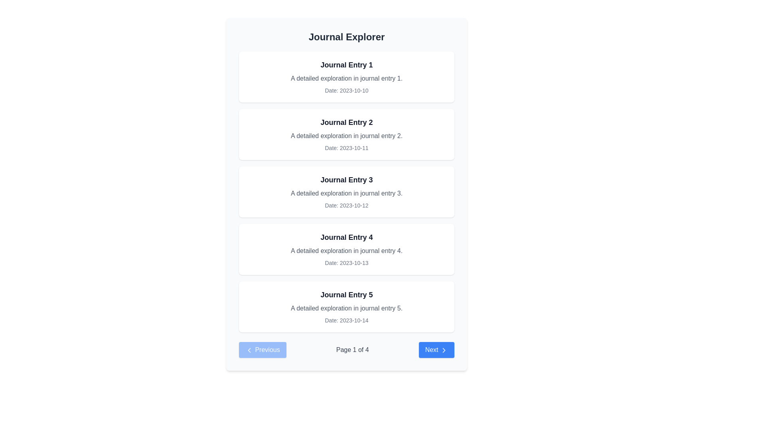 The image size is (766, 431). Describe the element at coordinates (346, 134) in the screenshot. I see `text from the Information Panel, which summarizes a specific journal entry and is located between 'Journal Entry 1' and 'Journal Entry 3'` at that location.